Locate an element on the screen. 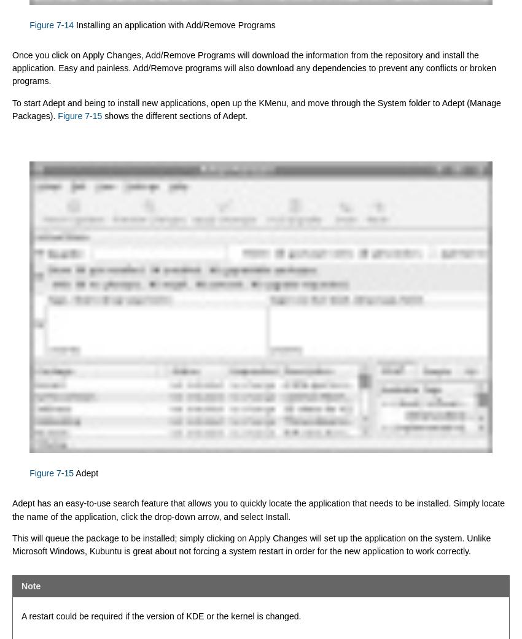 Image resolution: width=522 pixels, height=639 pixels. 'shows the different sections of Adept.' is located at coordinates (174, 115).